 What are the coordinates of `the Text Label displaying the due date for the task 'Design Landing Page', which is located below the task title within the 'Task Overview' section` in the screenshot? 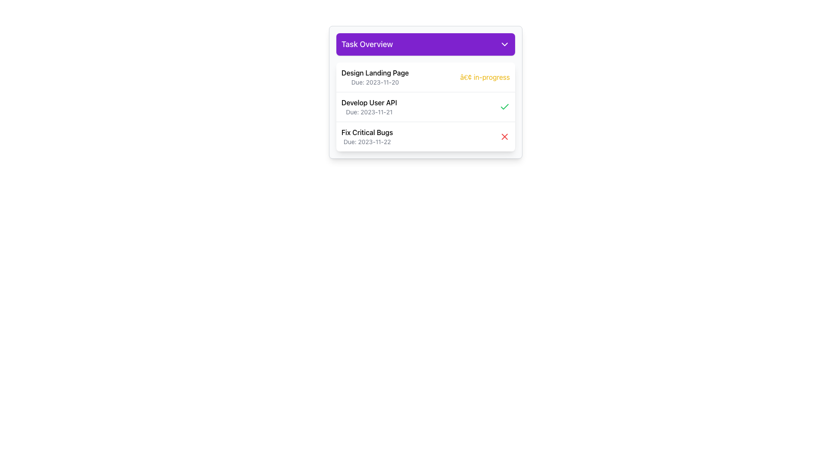 It's located at (375, 82).